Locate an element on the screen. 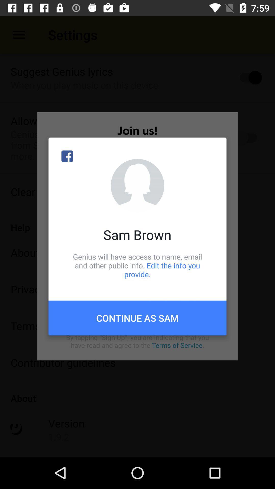 The image size is (275, 489). genius will have is located at coordinates (137, 265).